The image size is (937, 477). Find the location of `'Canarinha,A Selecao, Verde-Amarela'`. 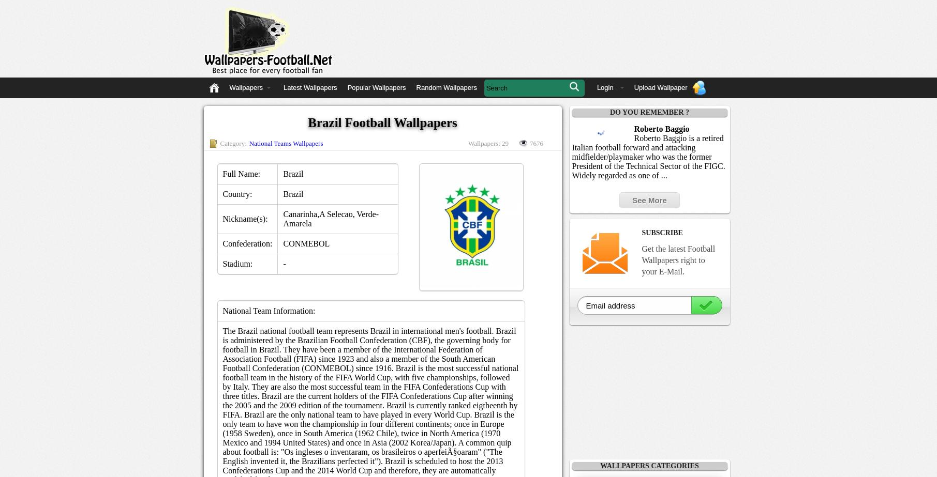

'Canarinha,A Selecao, Verde-Amarela' is located at coordinates (331, 219).